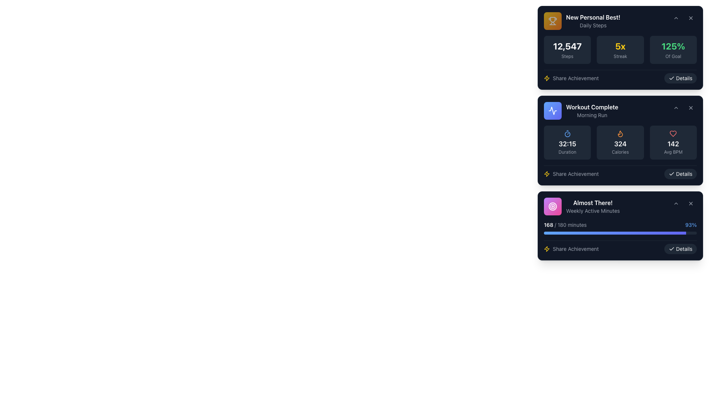 Image resolution: width=709 pixels, height=399 pixels. I want to click on the bold, white-colored text displaying '12,547' located at the top left of the 'New Personal Best! Daily Steps' card, which is enclosed within a rounded rectangular box, so click(567, 46).